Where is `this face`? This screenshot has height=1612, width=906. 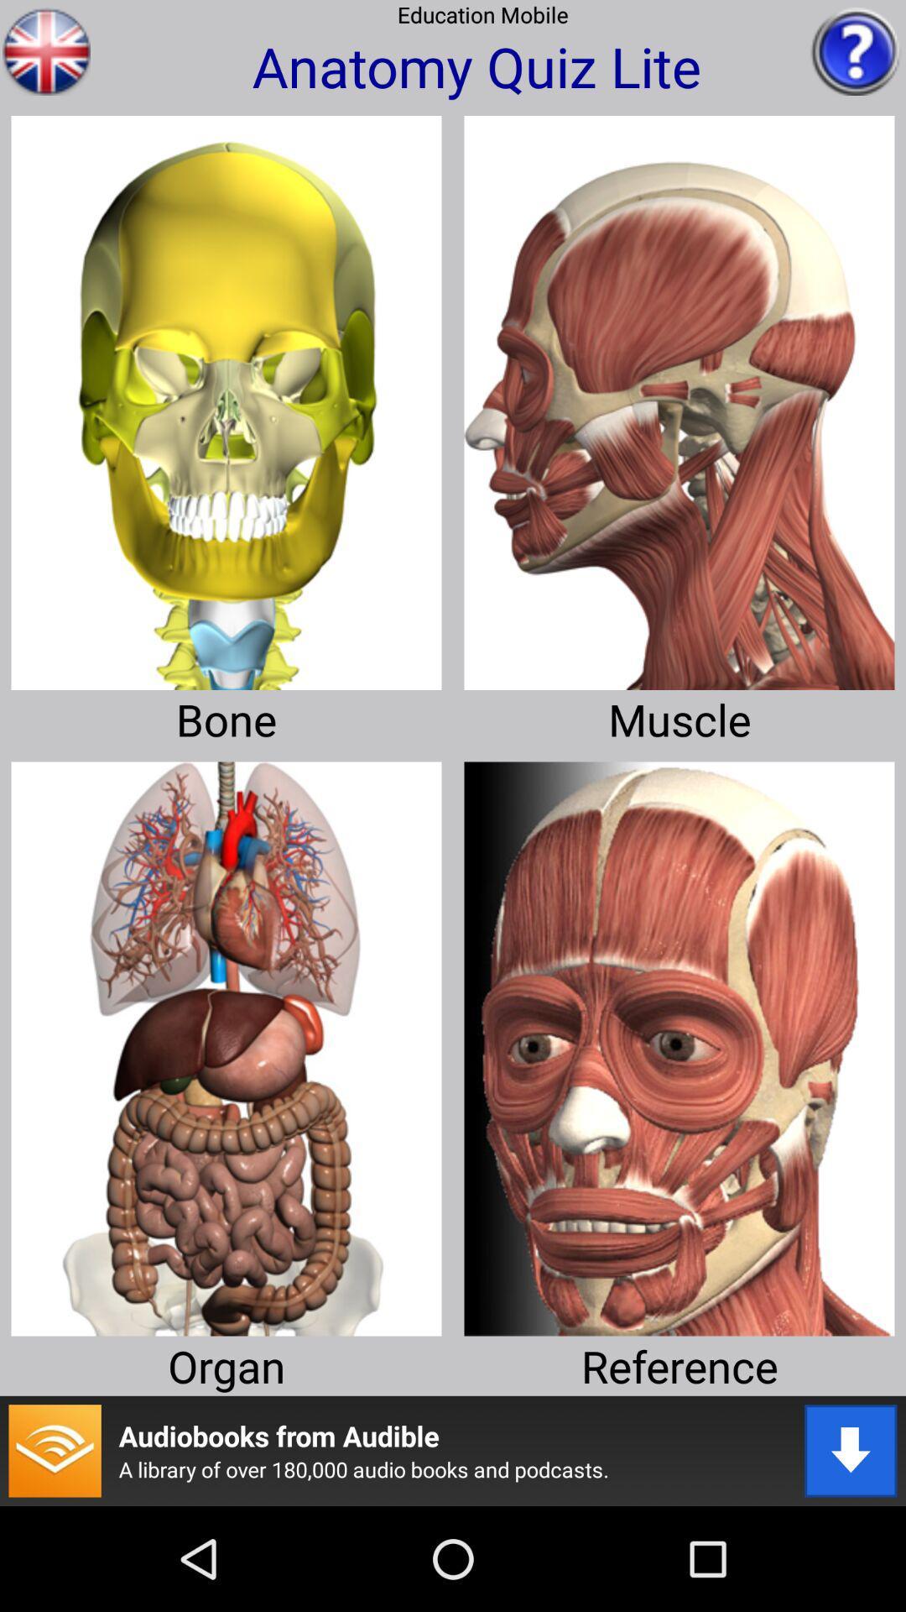 this face is located at coordinates (679, 1042).